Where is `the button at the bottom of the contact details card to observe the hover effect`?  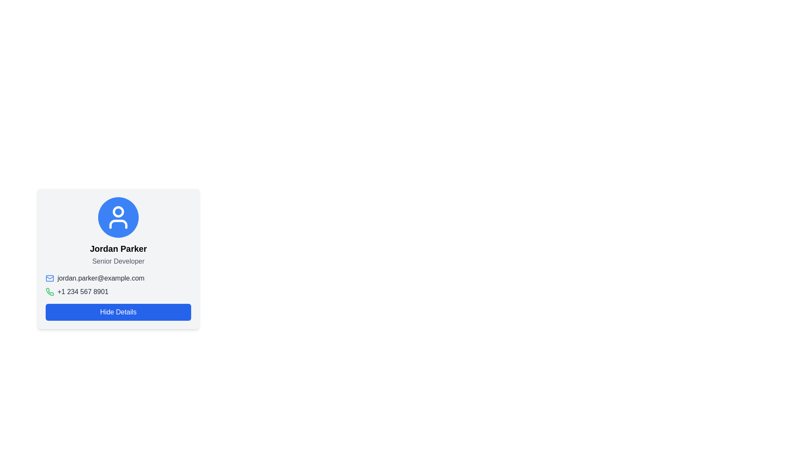
the button at the bottom of the contact details card to observe the hover effect is located at coordinates (118, 312).